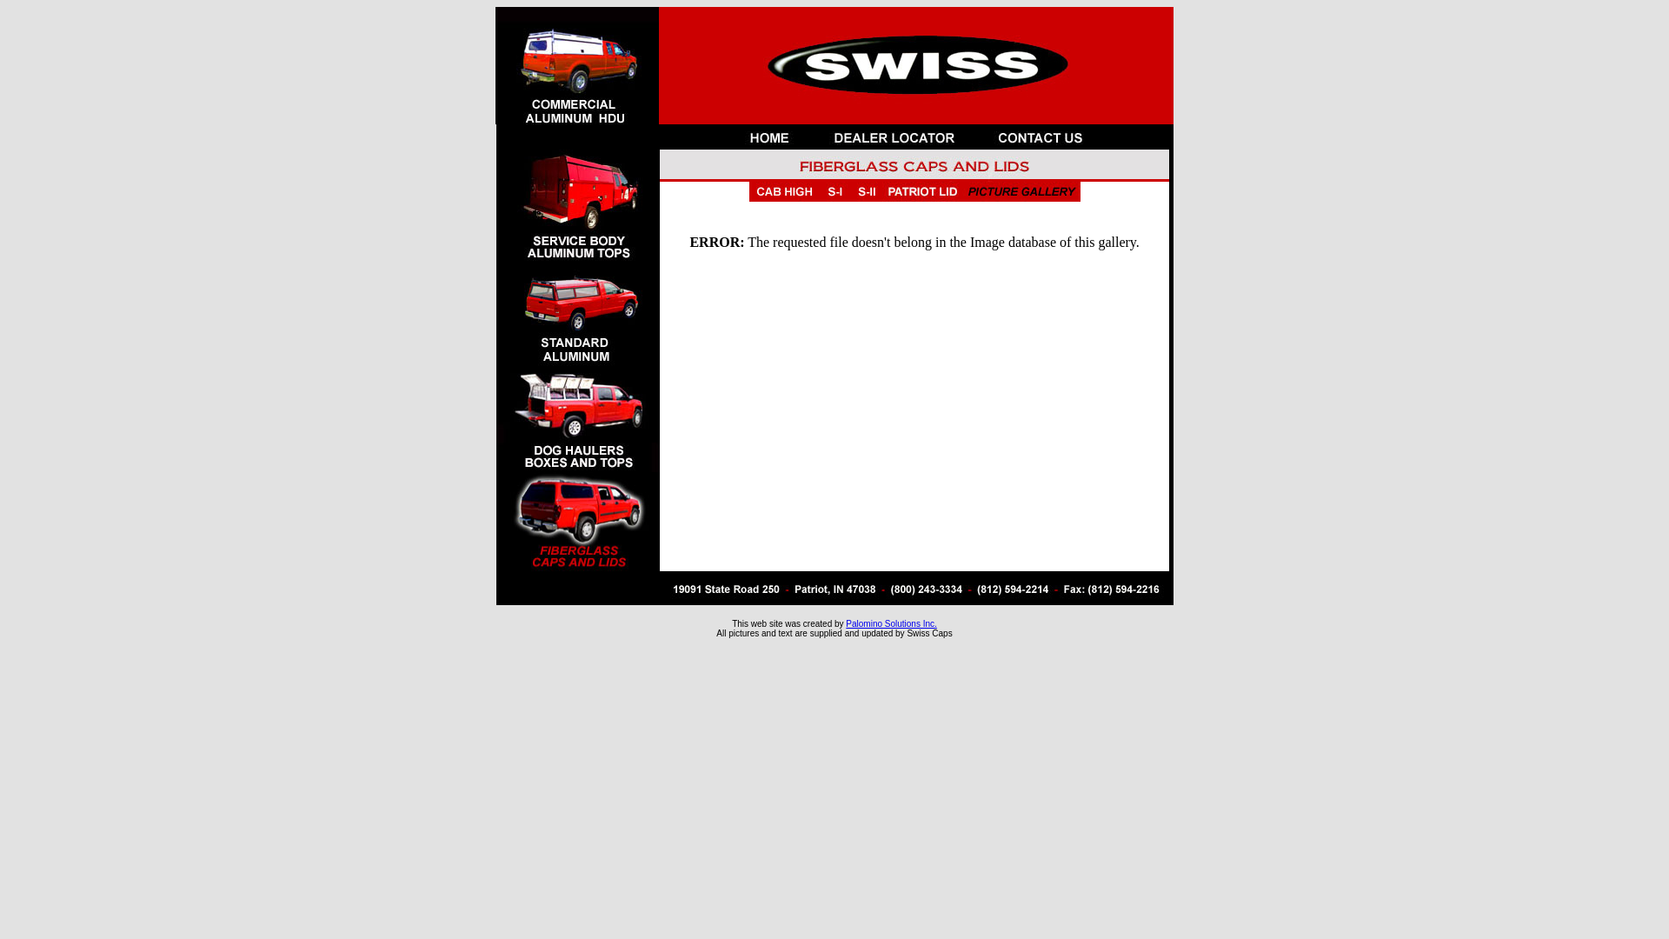  What do you see at coordinates (891, 623) in the screenshot?
I see `'Palomino Solutions Inc.'` at bounding box center [891, 623].